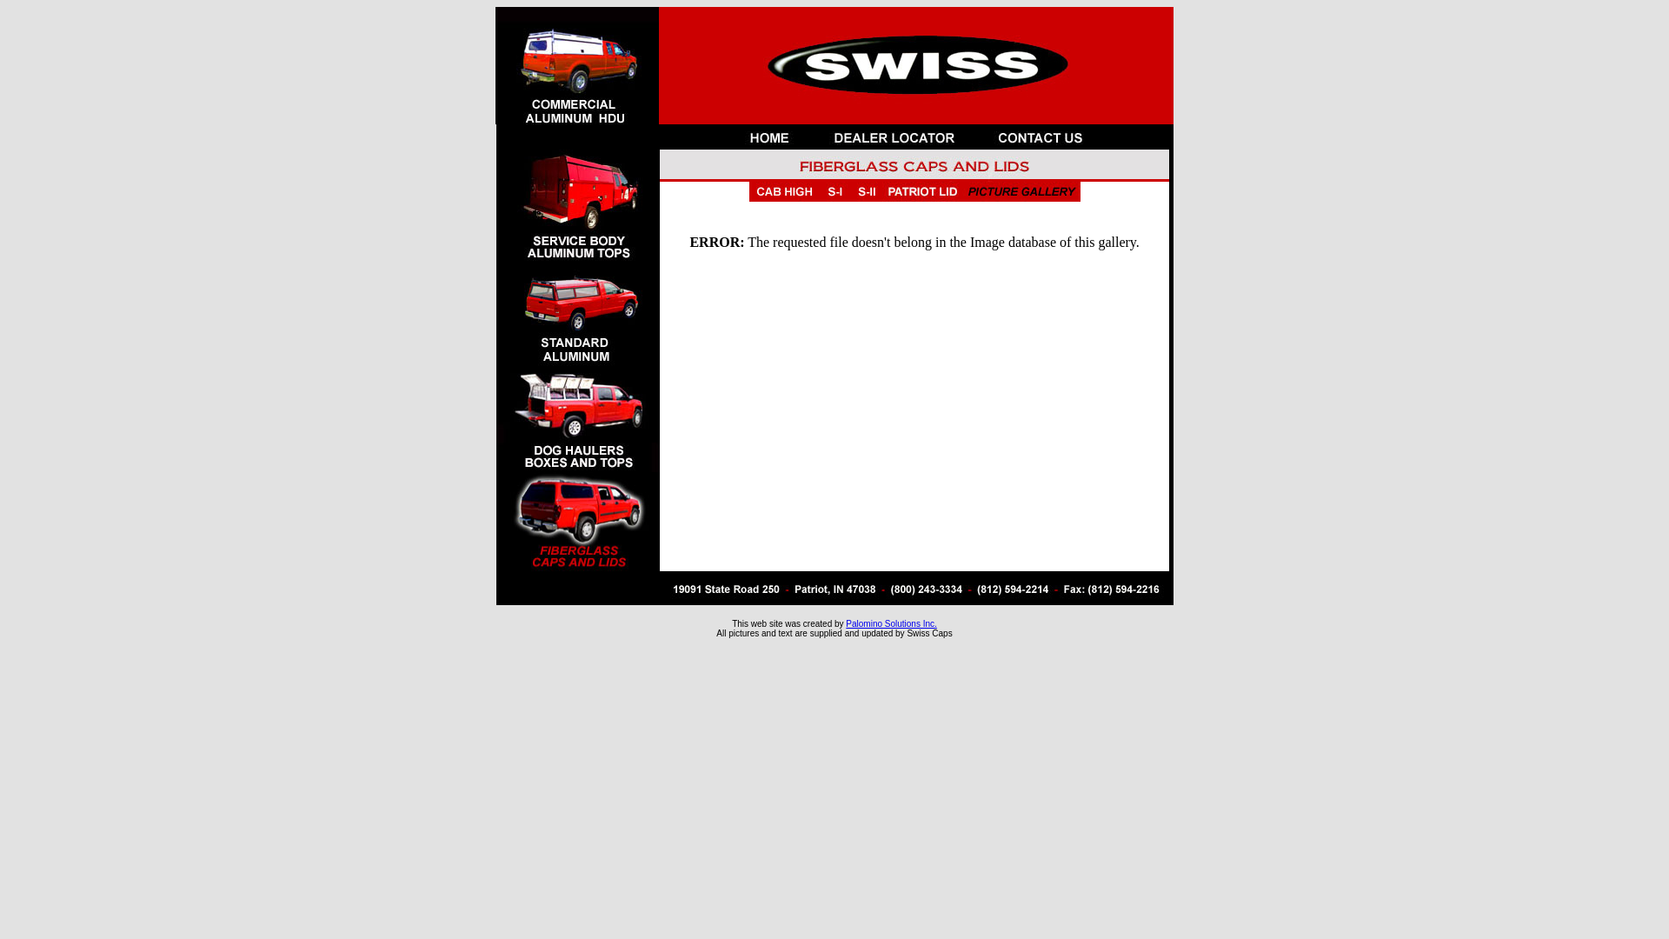  What do you see at coordinates (891, 623) in the screenshot?
I see `'Palomino Solutions Inc.'` at bounding box center [891, 623].